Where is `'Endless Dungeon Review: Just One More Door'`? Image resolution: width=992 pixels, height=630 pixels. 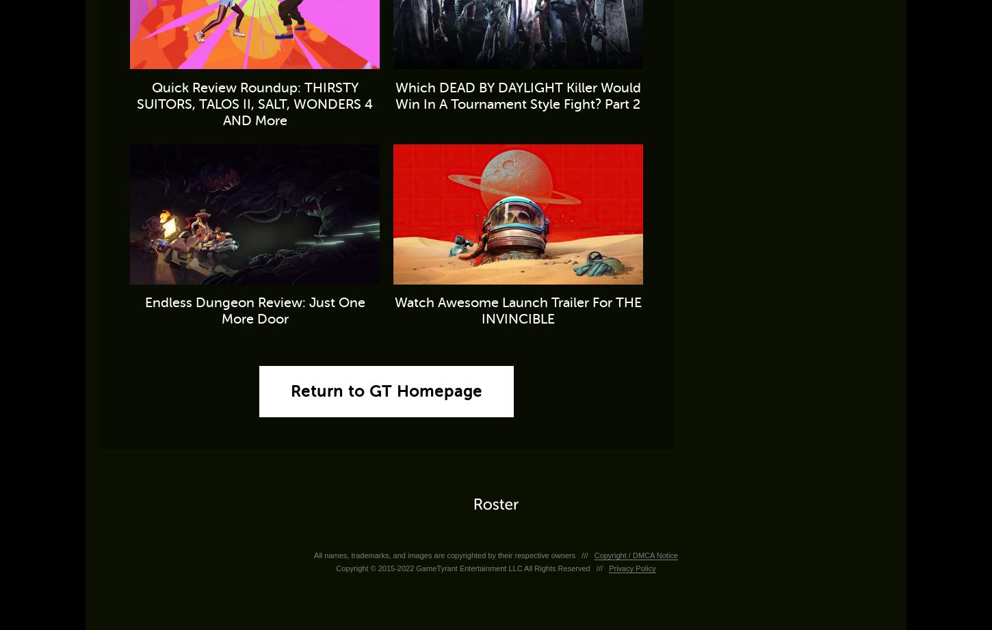
'Endless Dungeon Review: Just One More Door' is located at coordinates (143, 310).